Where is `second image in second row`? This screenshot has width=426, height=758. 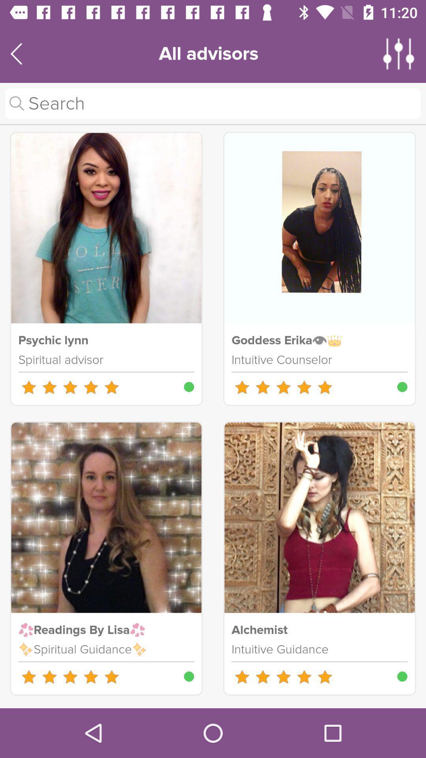 second image in second row is located at coordinates (319, 518).